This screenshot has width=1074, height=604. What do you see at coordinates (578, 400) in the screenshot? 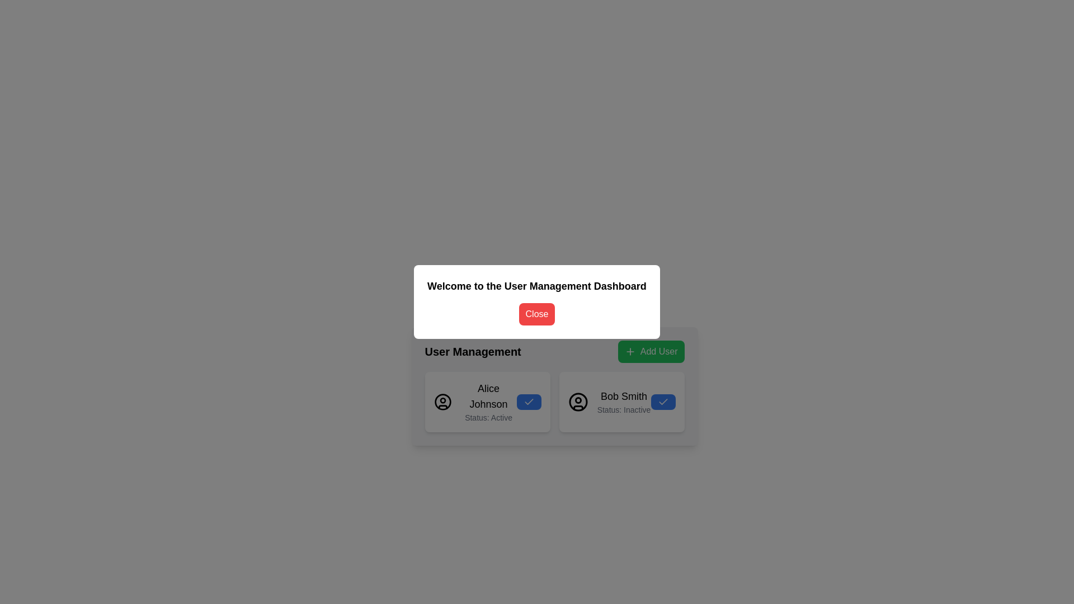
I see `the status indicator located within the user profile icon for Bob Smith, positioned in the upper half of the circle representing the face` at bounding box center [578, 400].